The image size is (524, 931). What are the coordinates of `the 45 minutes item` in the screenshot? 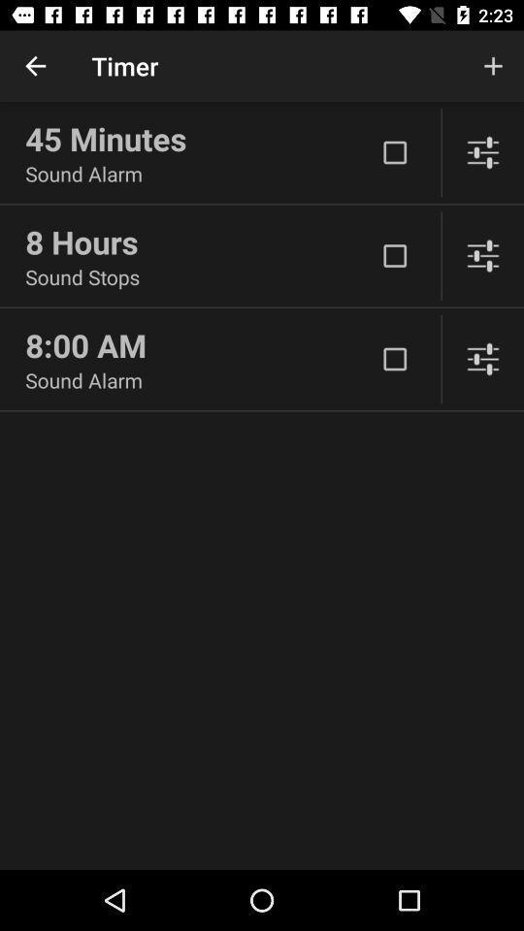 It's located at (199, 138).